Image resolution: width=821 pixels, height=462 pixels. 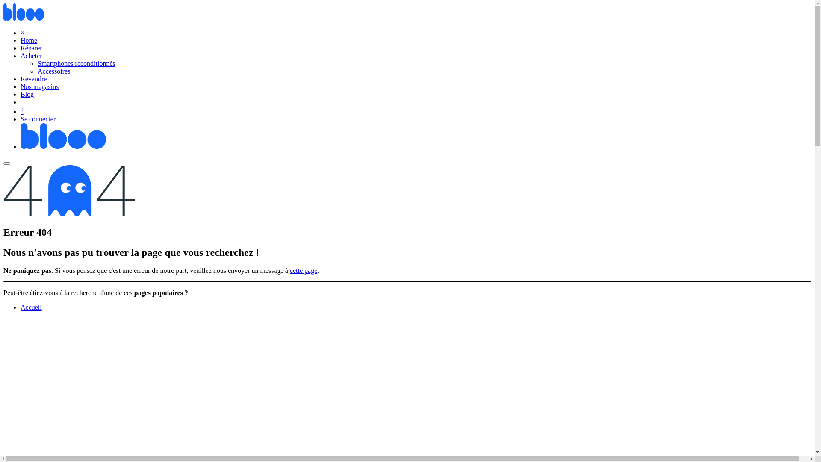 I want to click on 'Blog', so click(x=21, y=94).